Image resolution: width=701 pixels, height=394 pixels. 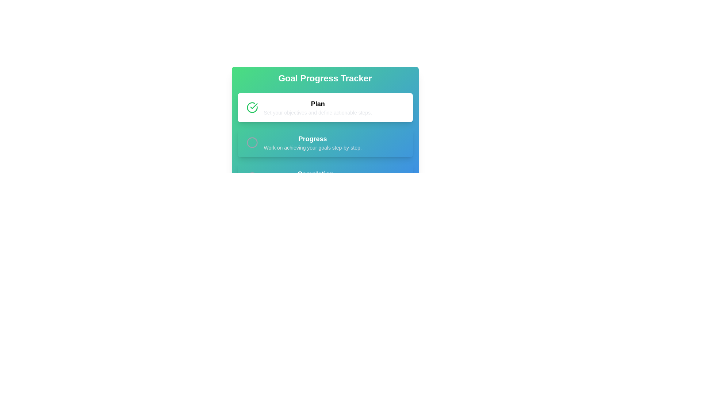 I want to click on prominently displayed title text 'Goal Progress Tracker' which is styled with a bold font and larger size, located at the center of the gradient-colored background header of the card, so click(x=325, y=78).